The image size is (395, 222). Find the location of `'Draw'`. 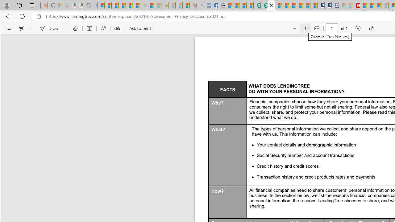

'Draw' is located at coordinates (48, 28).